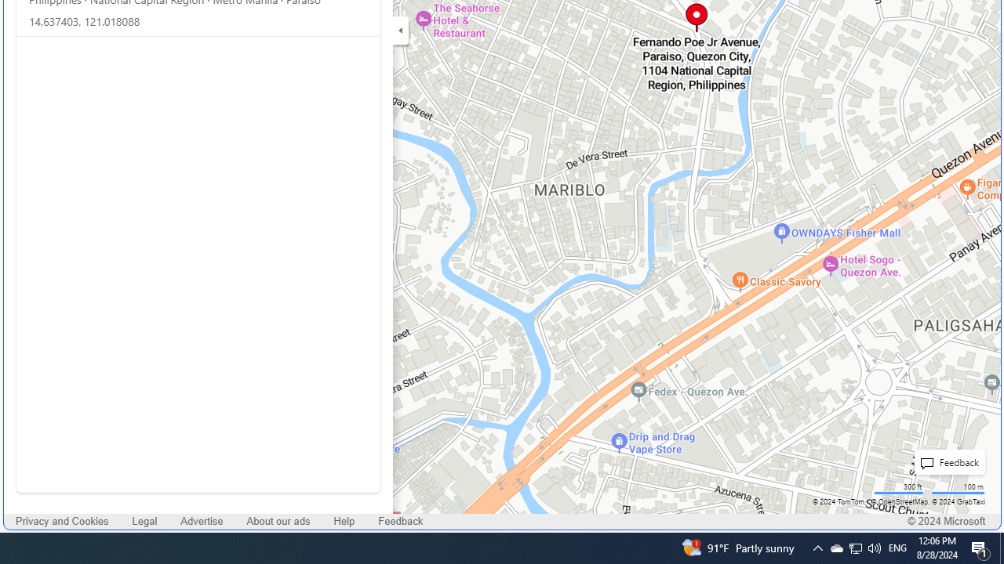 Image resolution: width=1004 pixels, height=564 pixels. Describe the element at coordinates (144, 521) in the screenshot. I see `'Legal'` at that location.